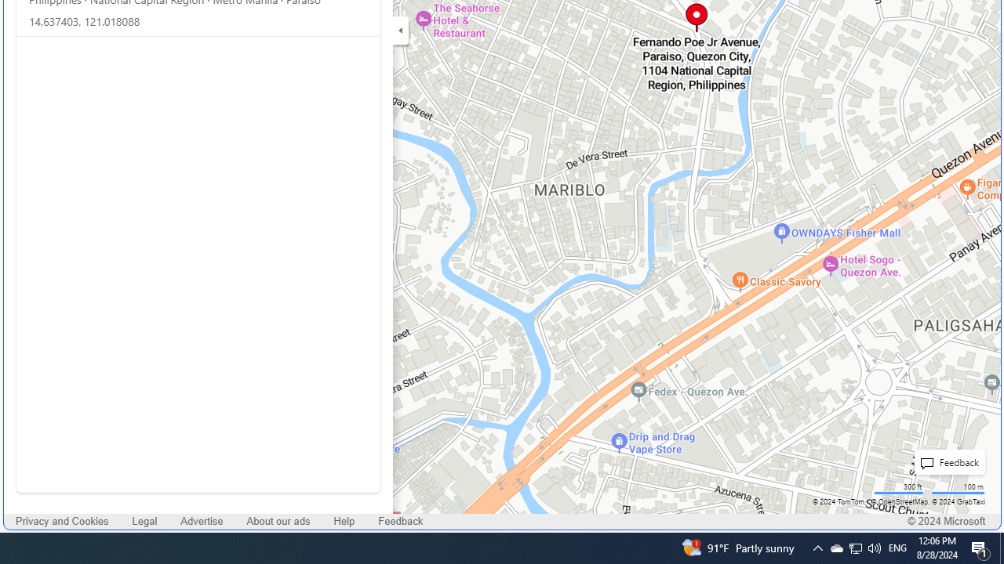 Image resolution: width=1004 pixels, height=564 pixels. Describe the element at coordinates (144, 521) in the screenshot. I see `'Legal'` at that location.